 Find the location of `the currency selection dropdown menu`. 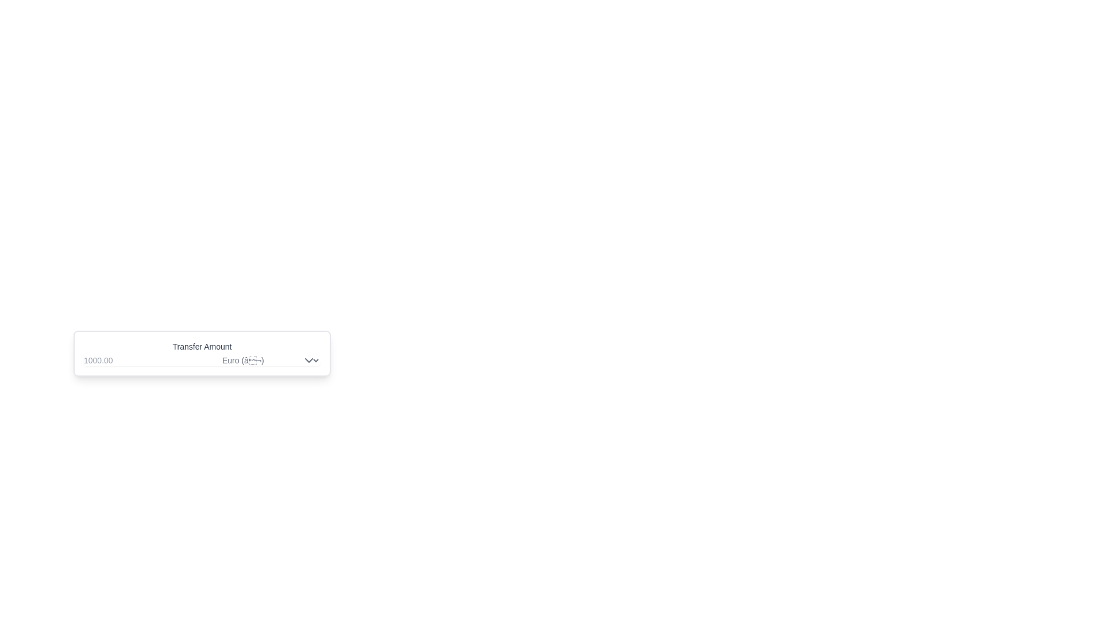

the currency selection dropdown menu is located at coordinates (266, 360).